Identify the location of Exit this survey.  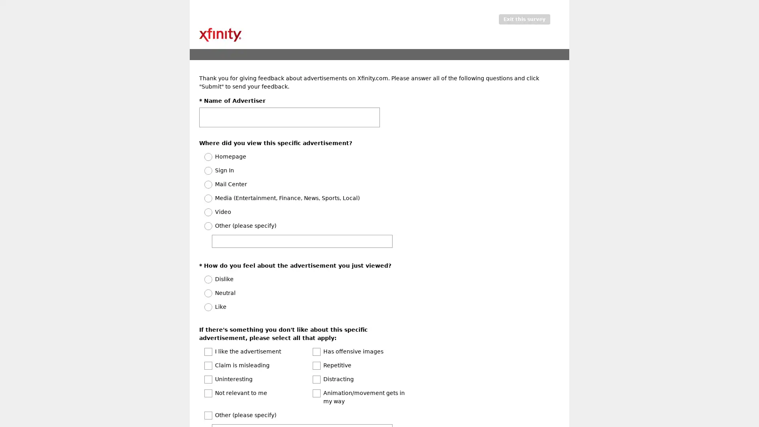
(524, 19).